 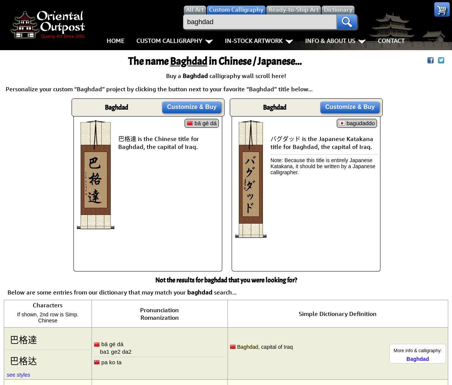 I want to click on 'If shown, 2nd row is Simp. Chinese', so click(x=47, y=318).